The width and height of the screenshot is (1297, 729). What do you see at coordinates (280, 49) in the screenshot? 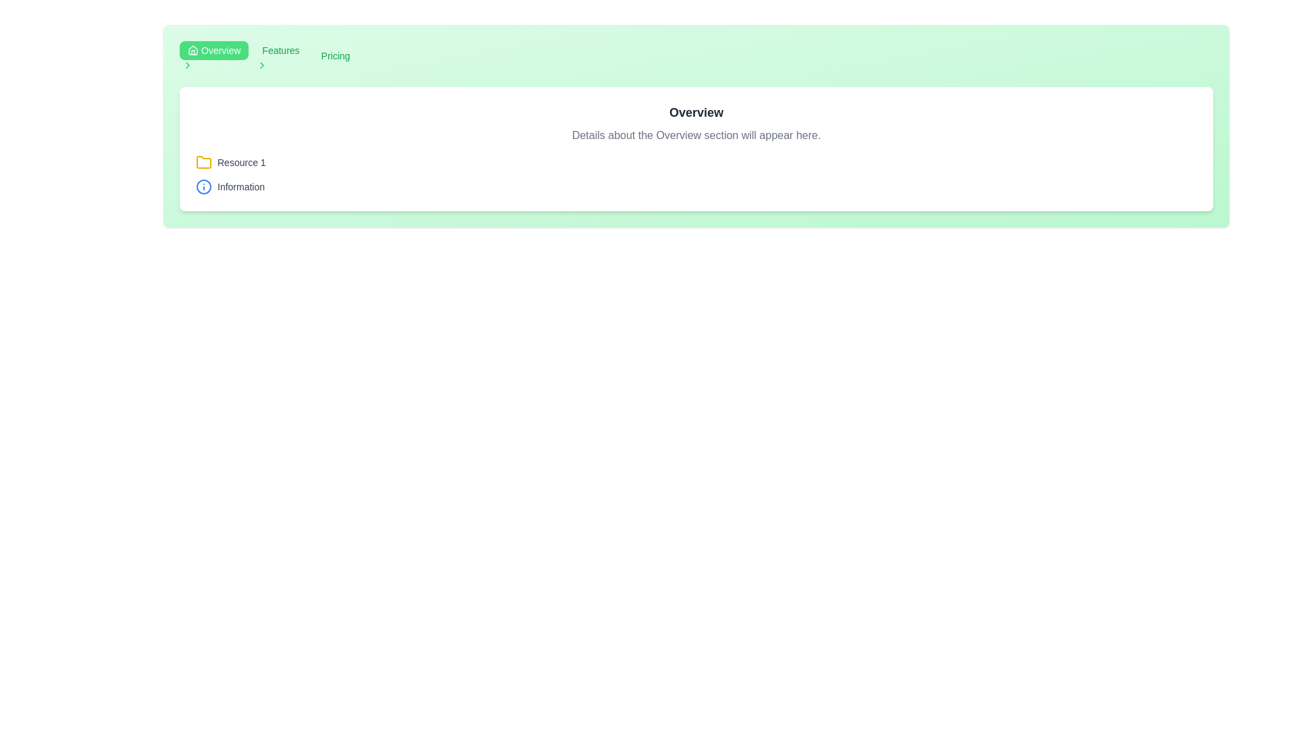
I see `the breadcrumb navigation link labeled 'Features' located in the top-left section of the interface, between the 'Overview' button and a right-arrow icon` at bounding box center [280, 49].